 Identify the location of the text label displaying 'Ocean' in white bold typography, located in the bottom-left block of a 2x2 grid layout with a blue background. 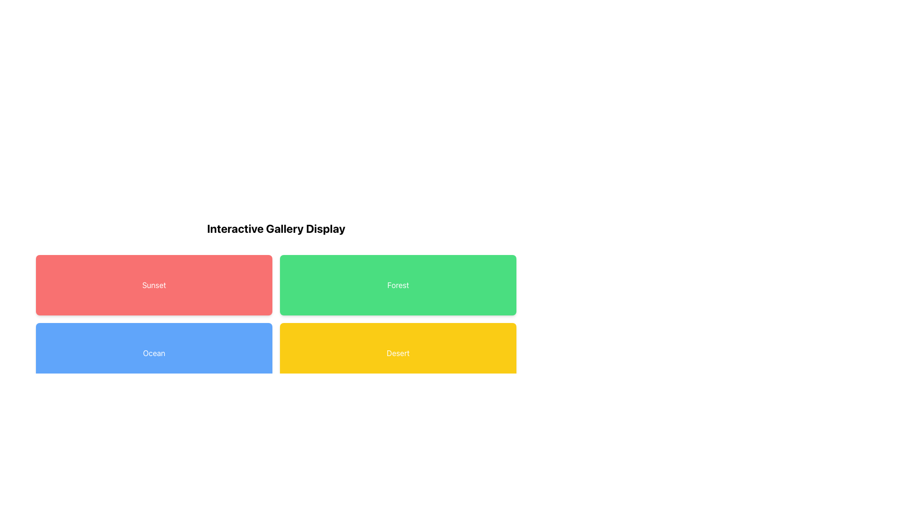
(154, 353).